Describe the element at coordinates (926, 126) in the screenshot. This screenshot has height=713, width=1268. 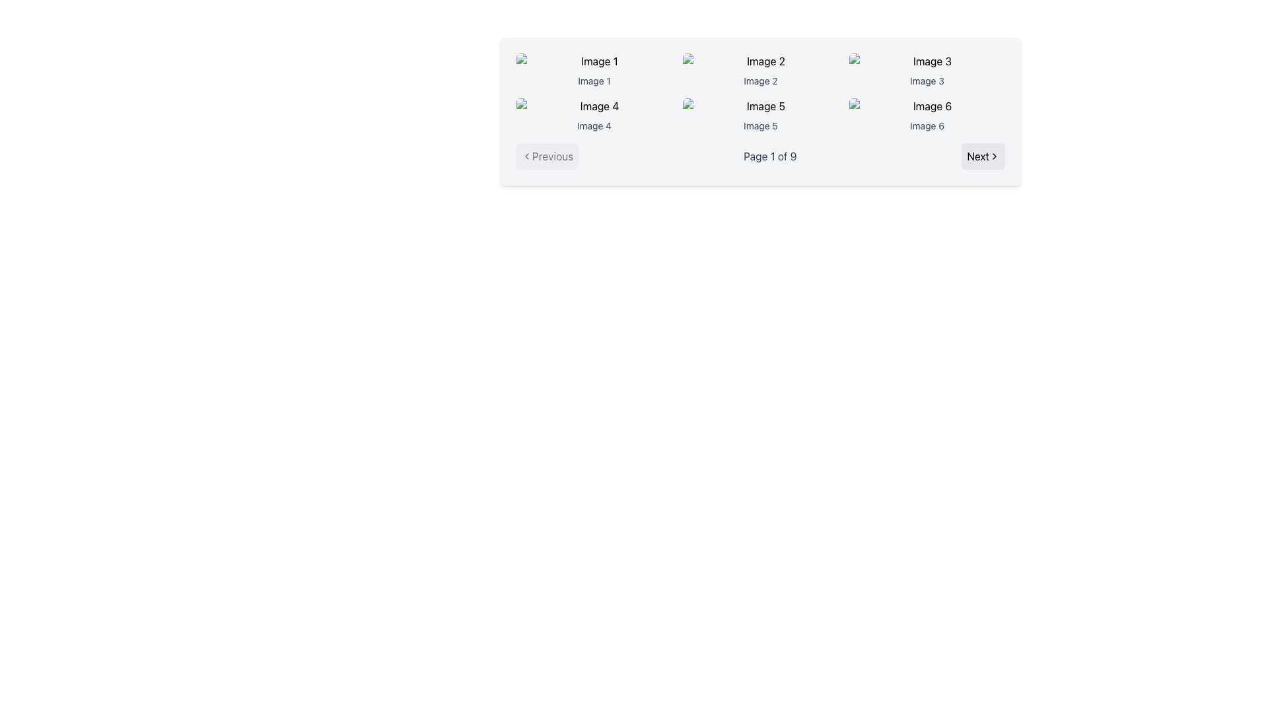
I see `the label displaying 'Image 6', which is styled in gray and positioned below the sixth image` at that location.